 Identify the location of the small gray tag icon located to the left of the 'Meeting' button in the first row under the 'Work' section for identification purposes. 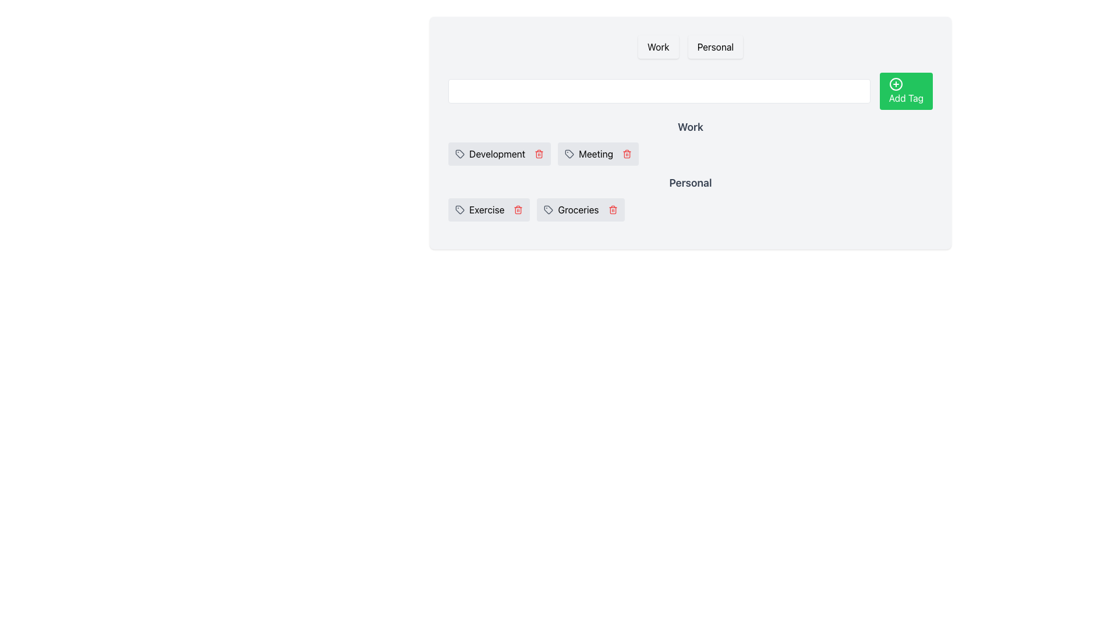
(569, 154).